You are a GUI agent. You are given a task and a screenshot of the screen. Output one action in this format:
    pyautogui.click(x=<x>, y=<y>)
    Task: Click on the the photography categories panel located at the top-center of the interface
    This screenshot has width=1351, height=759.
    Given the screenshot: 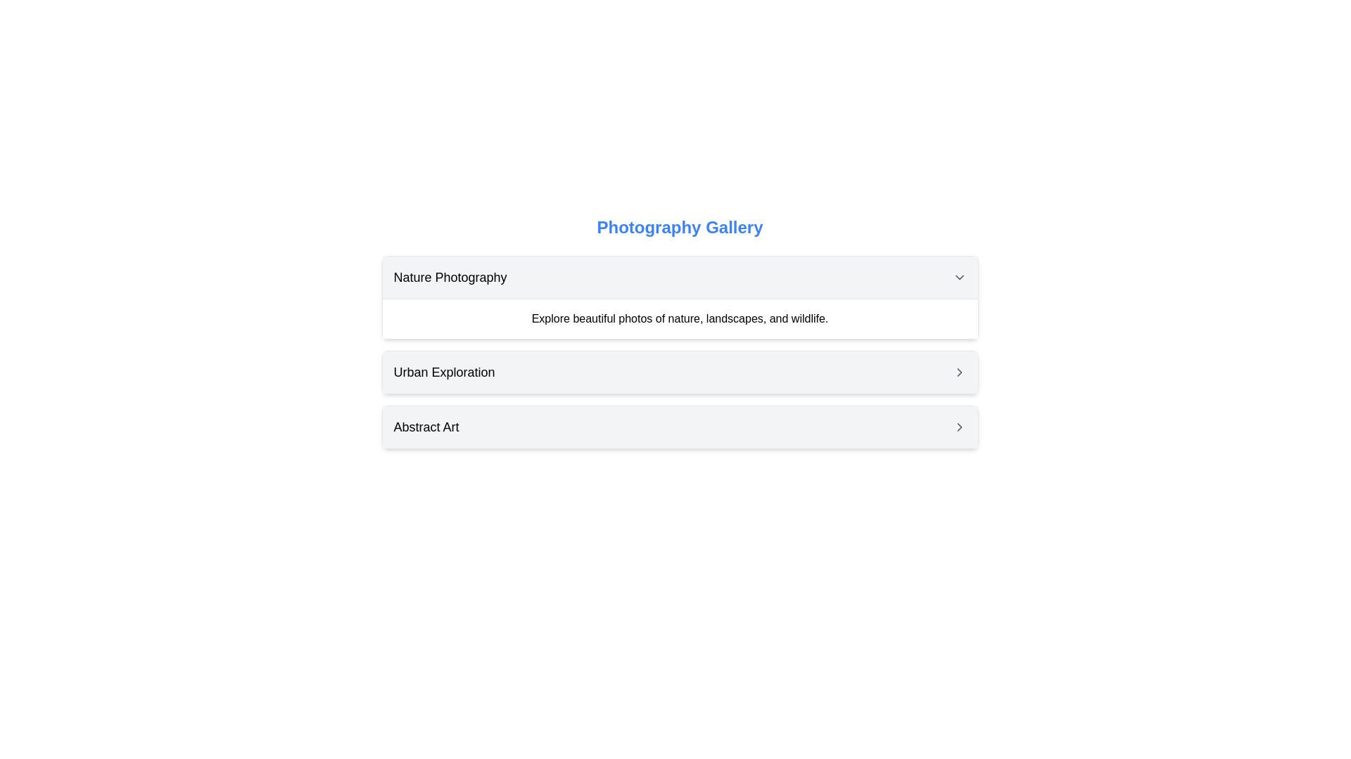 What is the action you would take?
    pyautogui.click(x=680, y=332)
    